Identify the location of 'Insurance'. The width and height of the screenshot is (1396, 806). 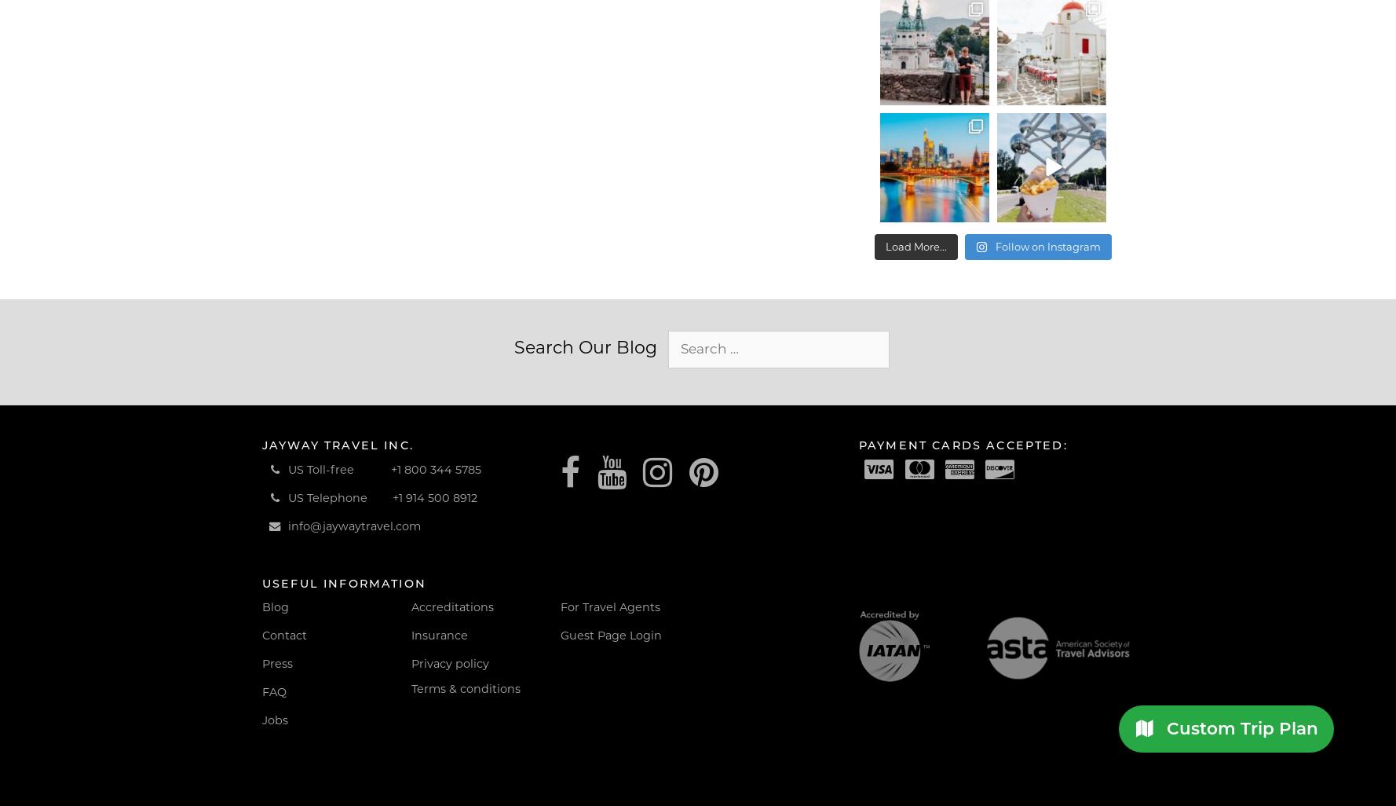
(411, 635).